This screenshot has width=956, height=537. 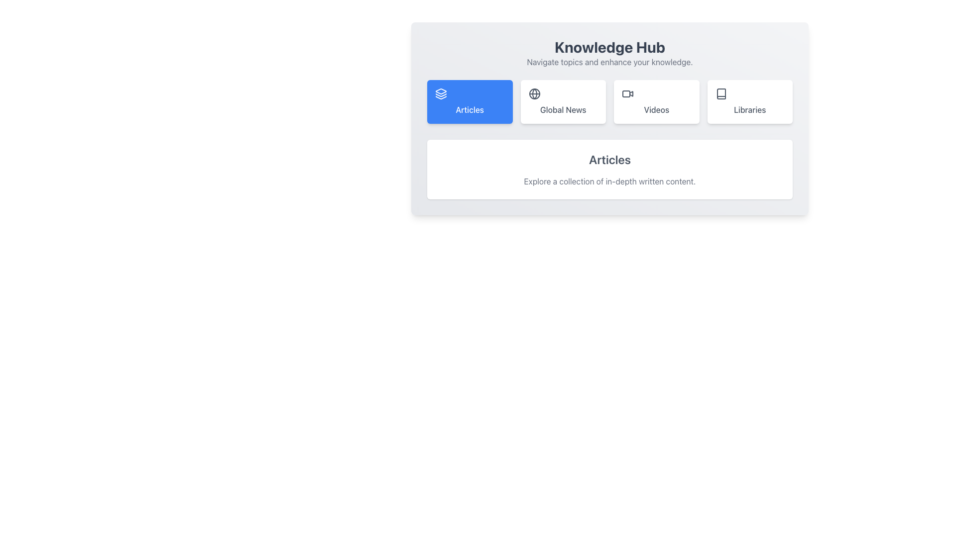 I want to click on the inner circle of the globe icon, which is the second option in the horizontal menu next to 'Articles', so click(x=534, y=94).